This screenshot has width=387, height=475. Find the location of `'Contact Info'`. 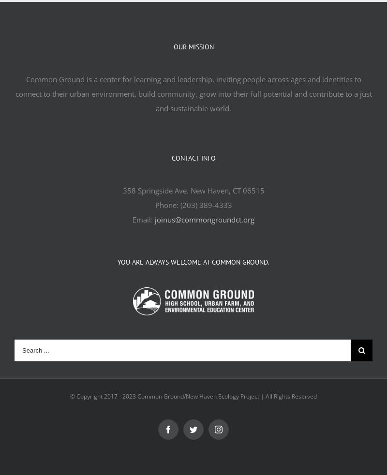

'Contact Info' is located at coordinates (193, 158).